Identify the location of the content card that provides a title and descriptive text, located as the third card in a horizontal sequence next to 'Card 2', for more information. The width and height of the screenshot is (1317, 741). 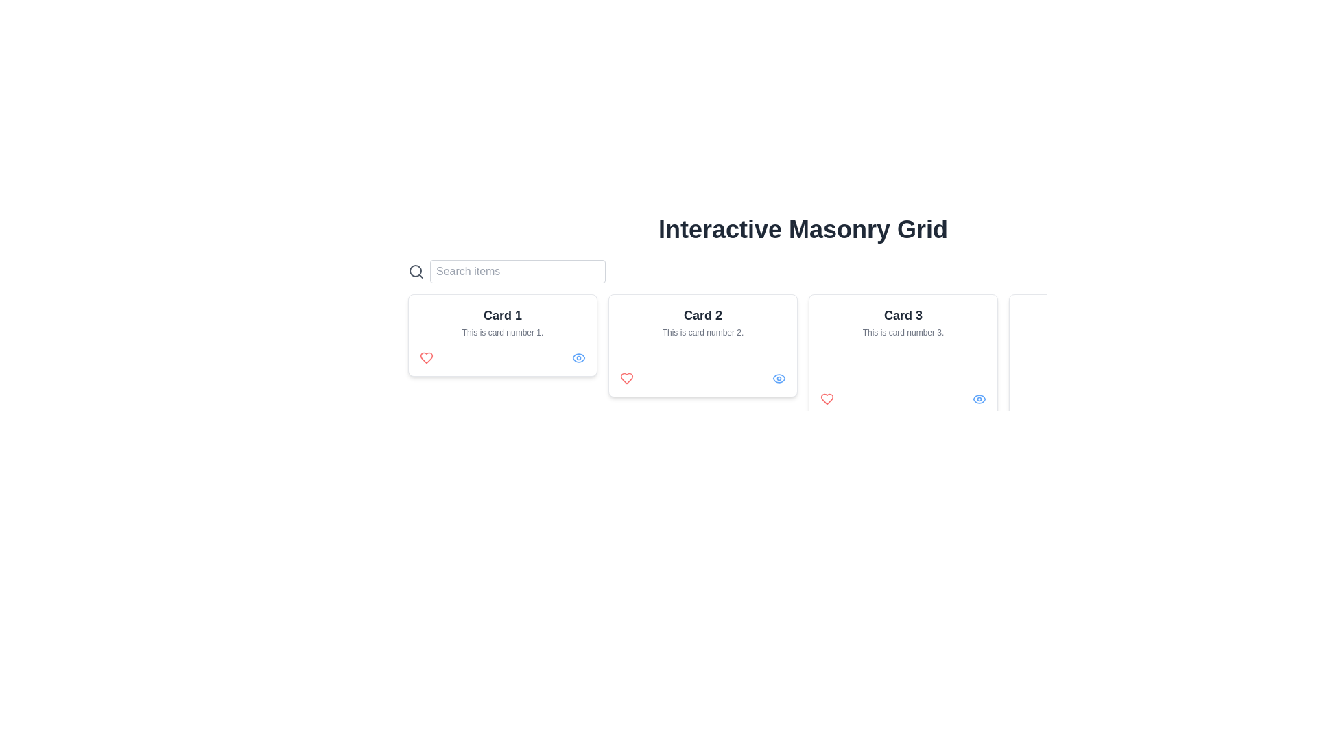
(903, 322).